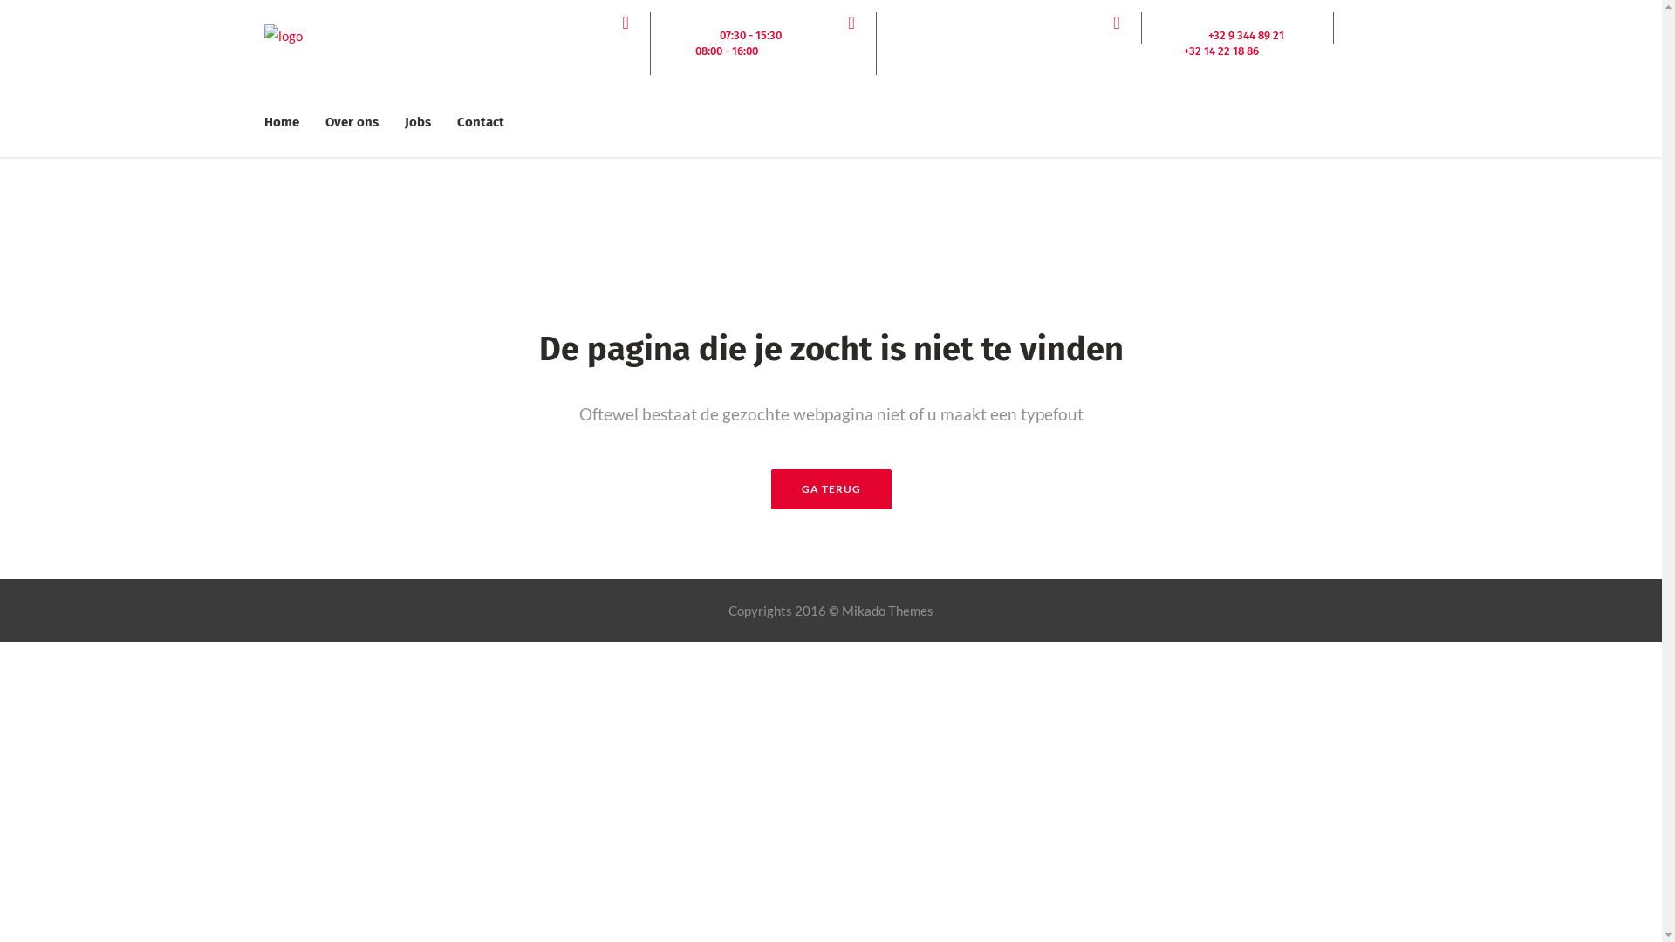 Image resolution: width=1675 pixels, height=942 pixels. I want to click on 'GA TERUG', so click(831, 488).